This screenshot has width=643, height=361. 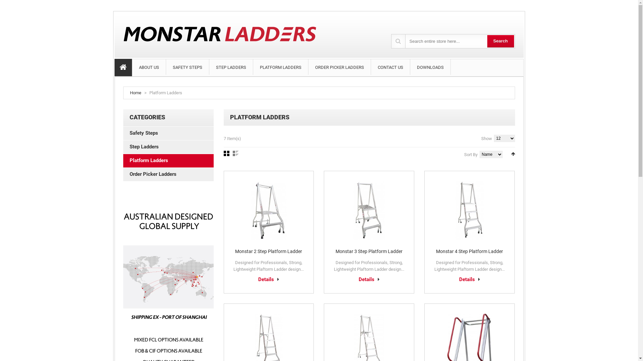 I want to click on 'PLATFORM LADDERS', so click(x=281, y=67).